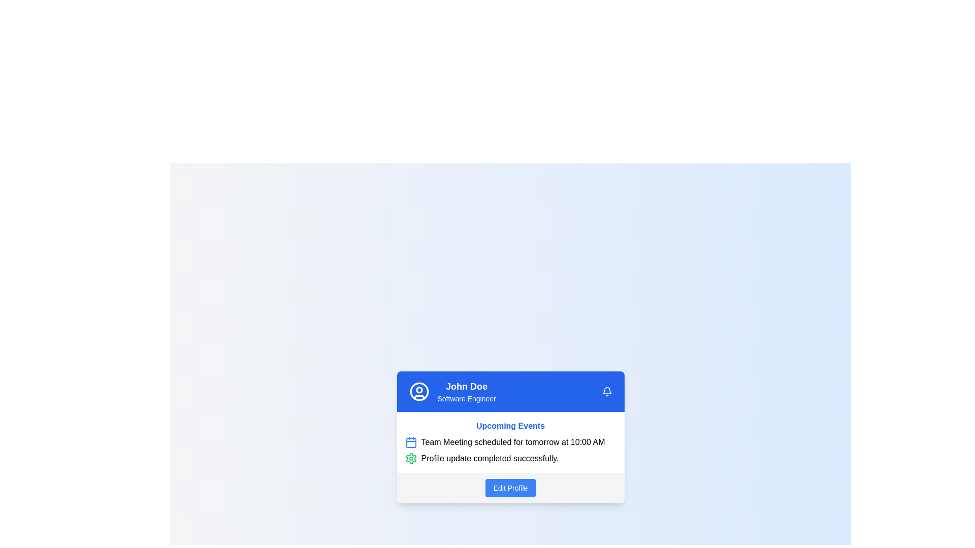 This screenshot has height=548, width=975. I want to click on informational text 'Profile update completed successfully.' which is accompanied by a green gear icon, located in the center-bottom area of the profile card, directly below the 'Team Meeting scheduled for tomorrow at 10:00 AM.', so click(510, 458).